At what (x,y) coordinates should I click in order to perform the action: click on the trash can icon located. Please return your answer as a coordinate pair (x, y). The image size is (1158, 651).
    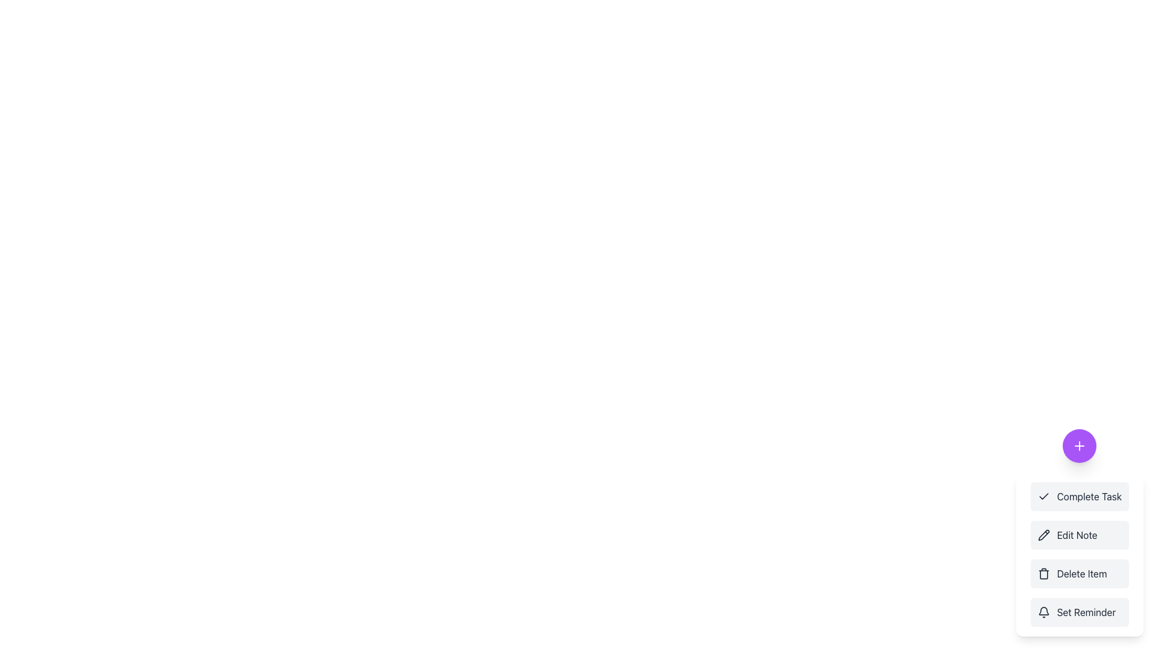
    Looking at the image, I should click on (1043, 573).